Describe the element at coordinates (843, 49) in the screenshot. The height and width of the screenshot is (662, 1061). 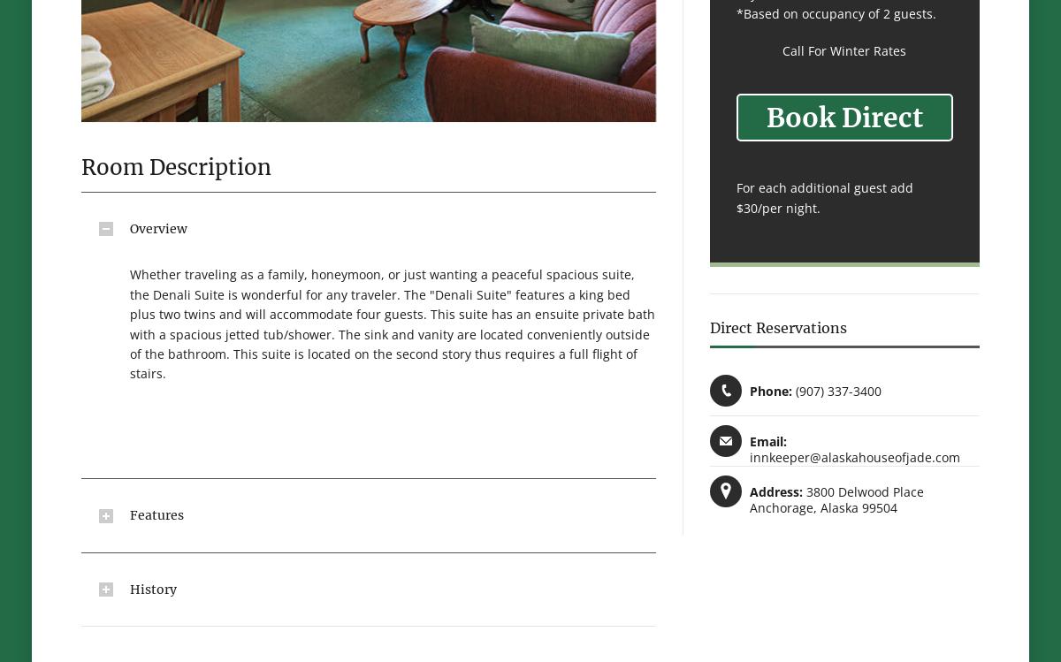
I see `'Call For Winter Rates'` at that location.